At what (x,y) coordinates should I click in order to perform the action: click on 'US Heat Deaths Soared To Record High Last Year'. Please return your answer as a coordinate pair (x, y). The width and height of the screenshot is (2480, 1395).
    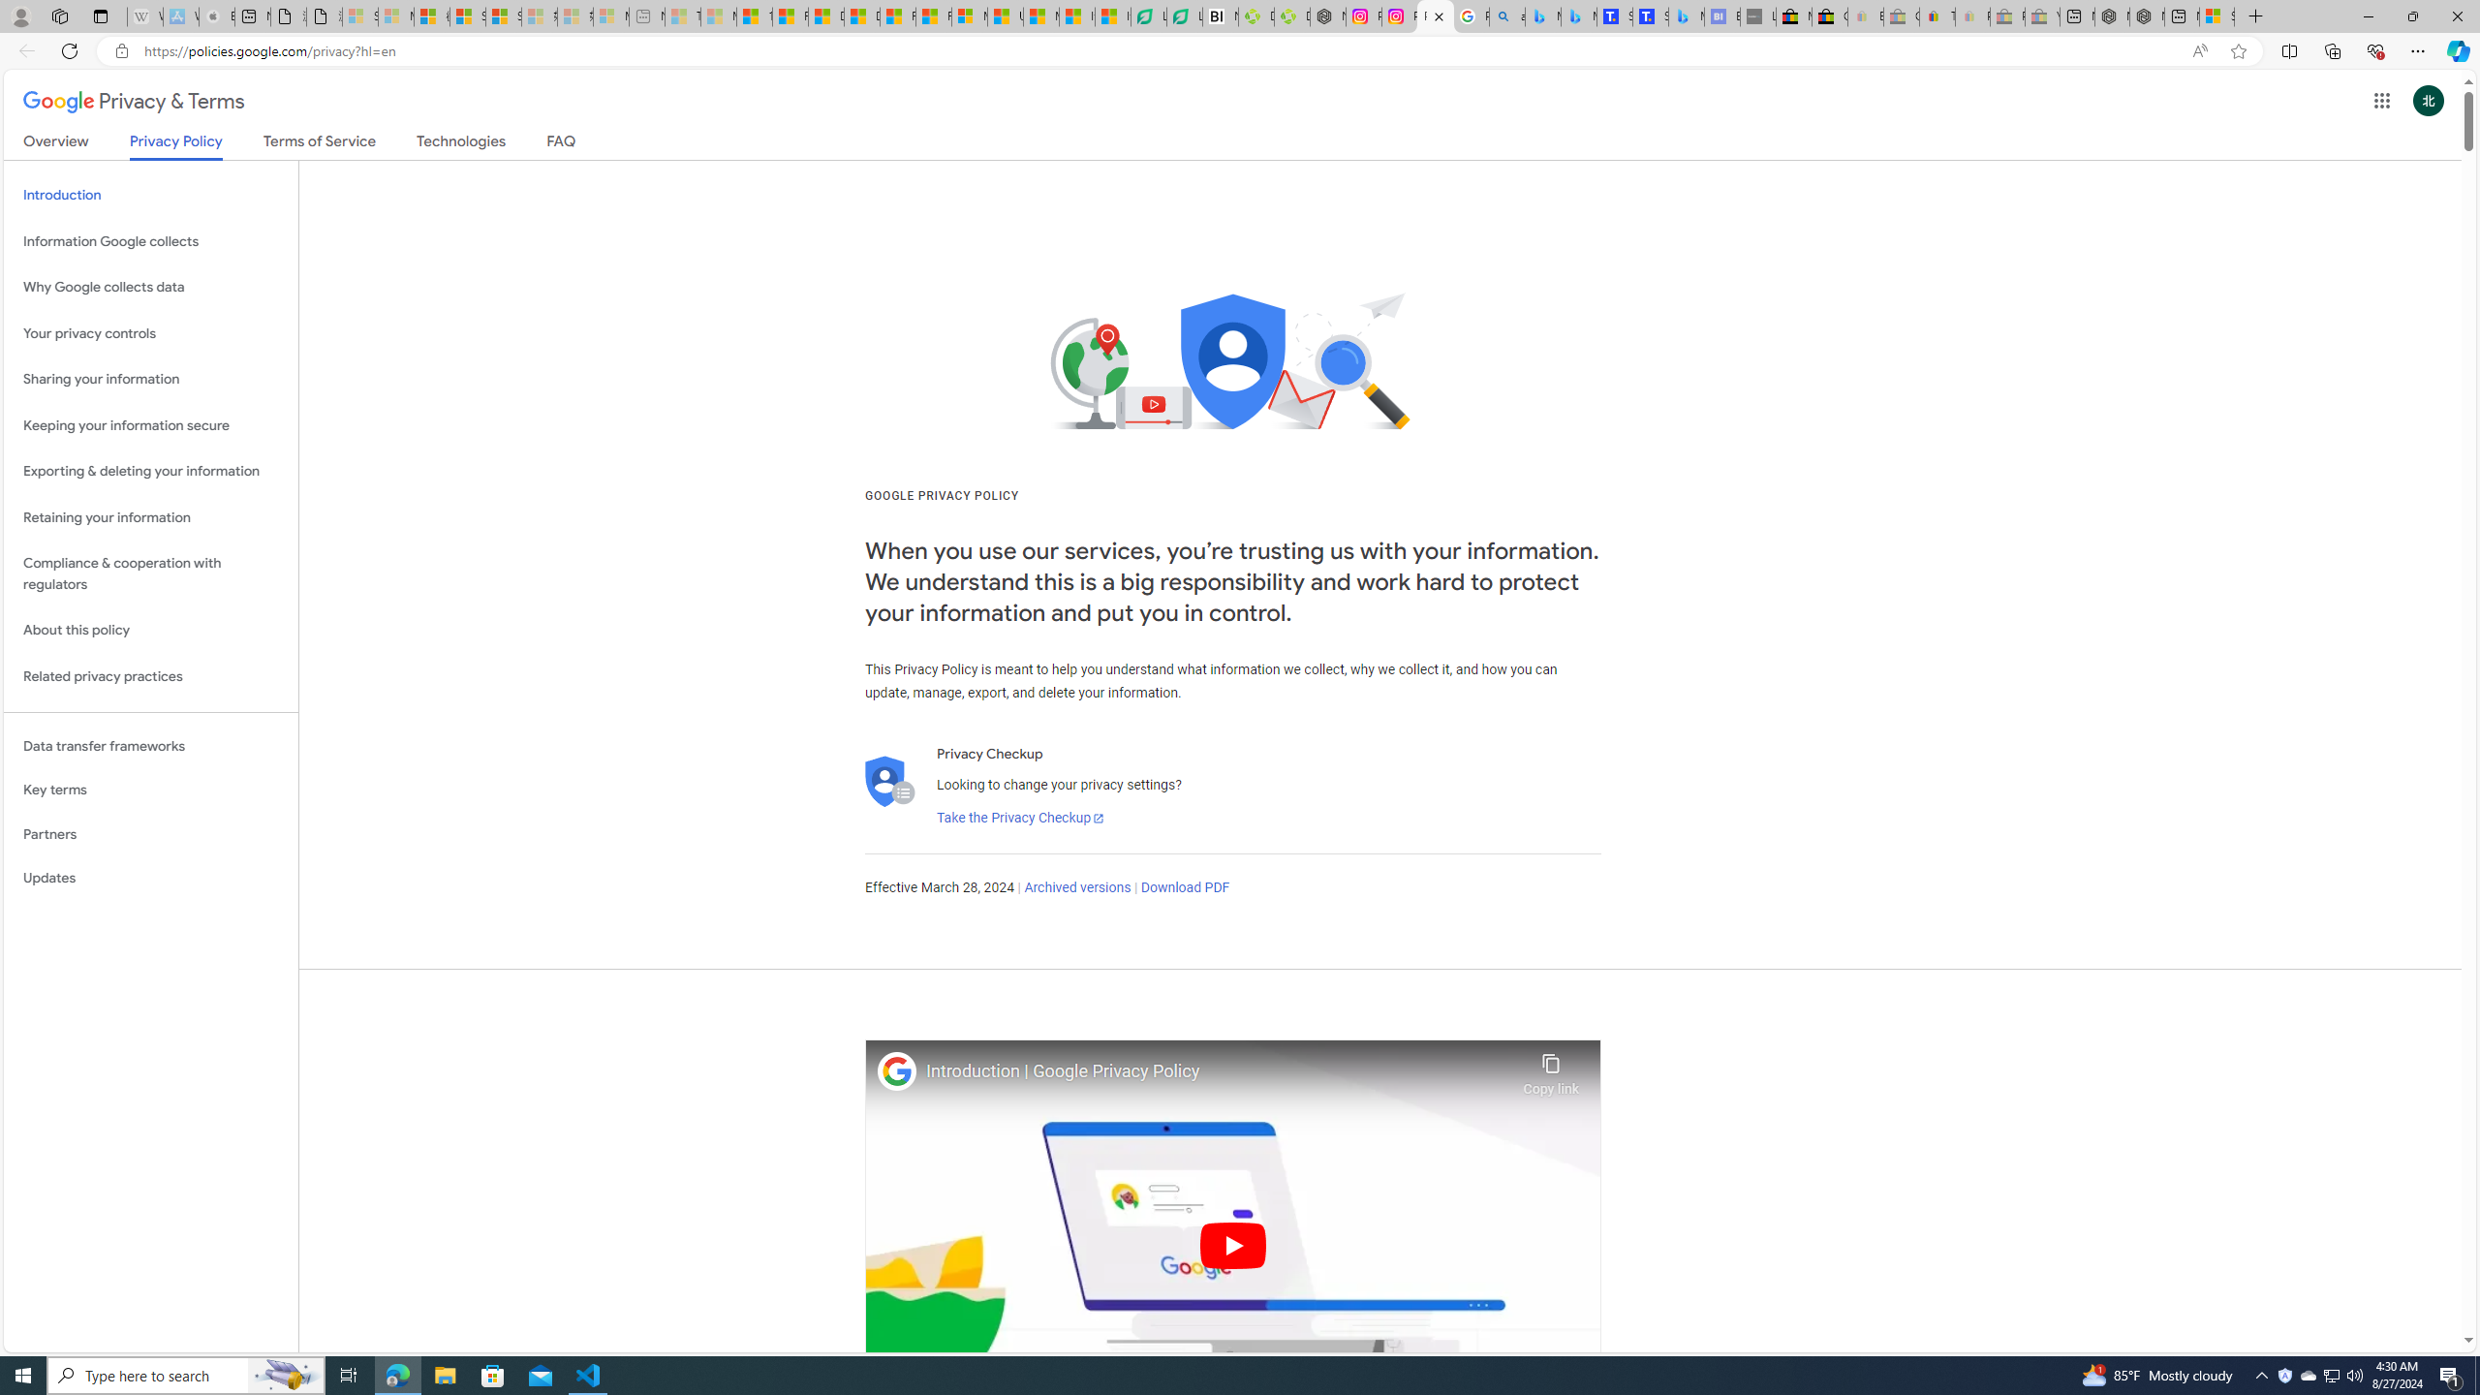
    Looking at the image, I should click on (1006, 15).